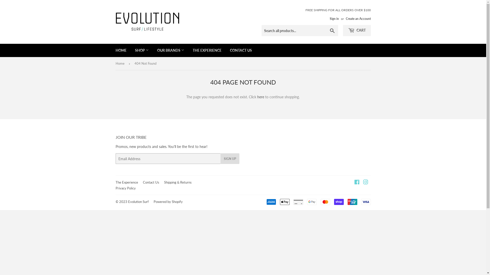 The height and width of the screenshot is (275, 490). What do you see at coordinates (170, 50) in the screenshot?
I see `'OUR BRANDS'` at bounding box center [170, 50].